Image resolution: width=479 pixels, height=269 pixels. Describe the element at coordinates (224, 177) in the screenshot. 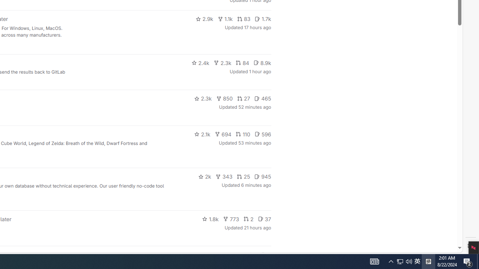

I see `'343'` at that location.